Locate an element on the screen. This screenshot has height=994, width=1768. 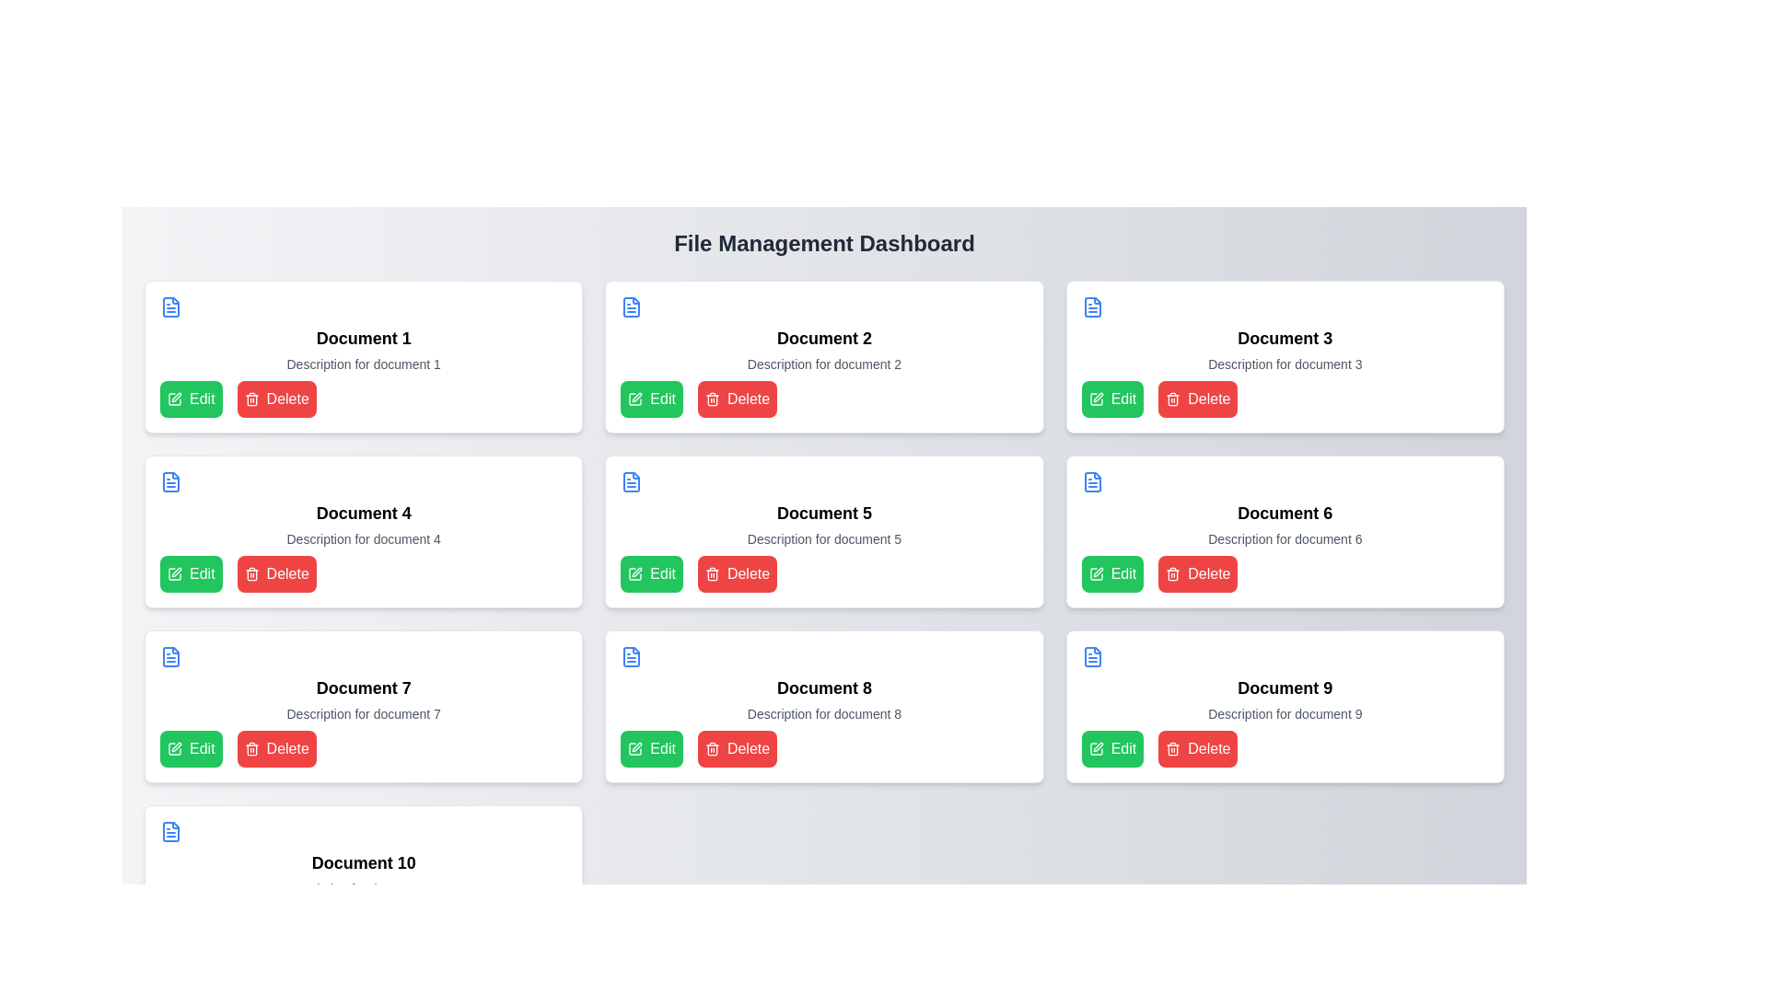
the Edit button on the document entry card located at the bottom-left corner of the file management dashboard to modify the document is located at coordinates (364, 880).